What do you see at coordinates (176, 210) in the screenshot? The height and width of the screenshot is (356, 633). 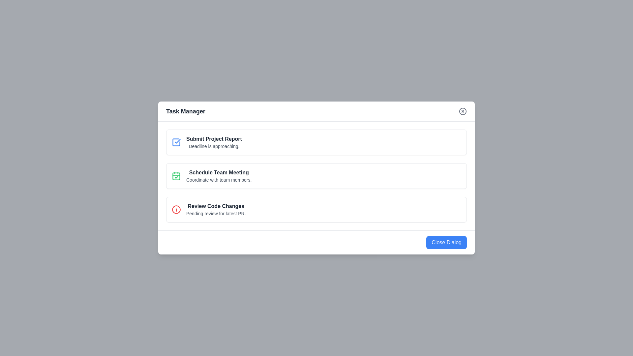 I see `the icon for the task titled 'Review Code Changes'` at bounding box center [176, 210].